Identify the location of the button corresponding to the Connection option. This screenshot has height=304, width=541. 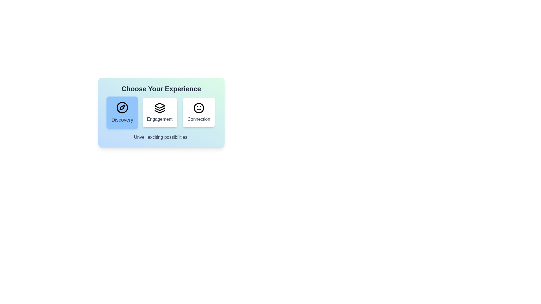
(199, 113).